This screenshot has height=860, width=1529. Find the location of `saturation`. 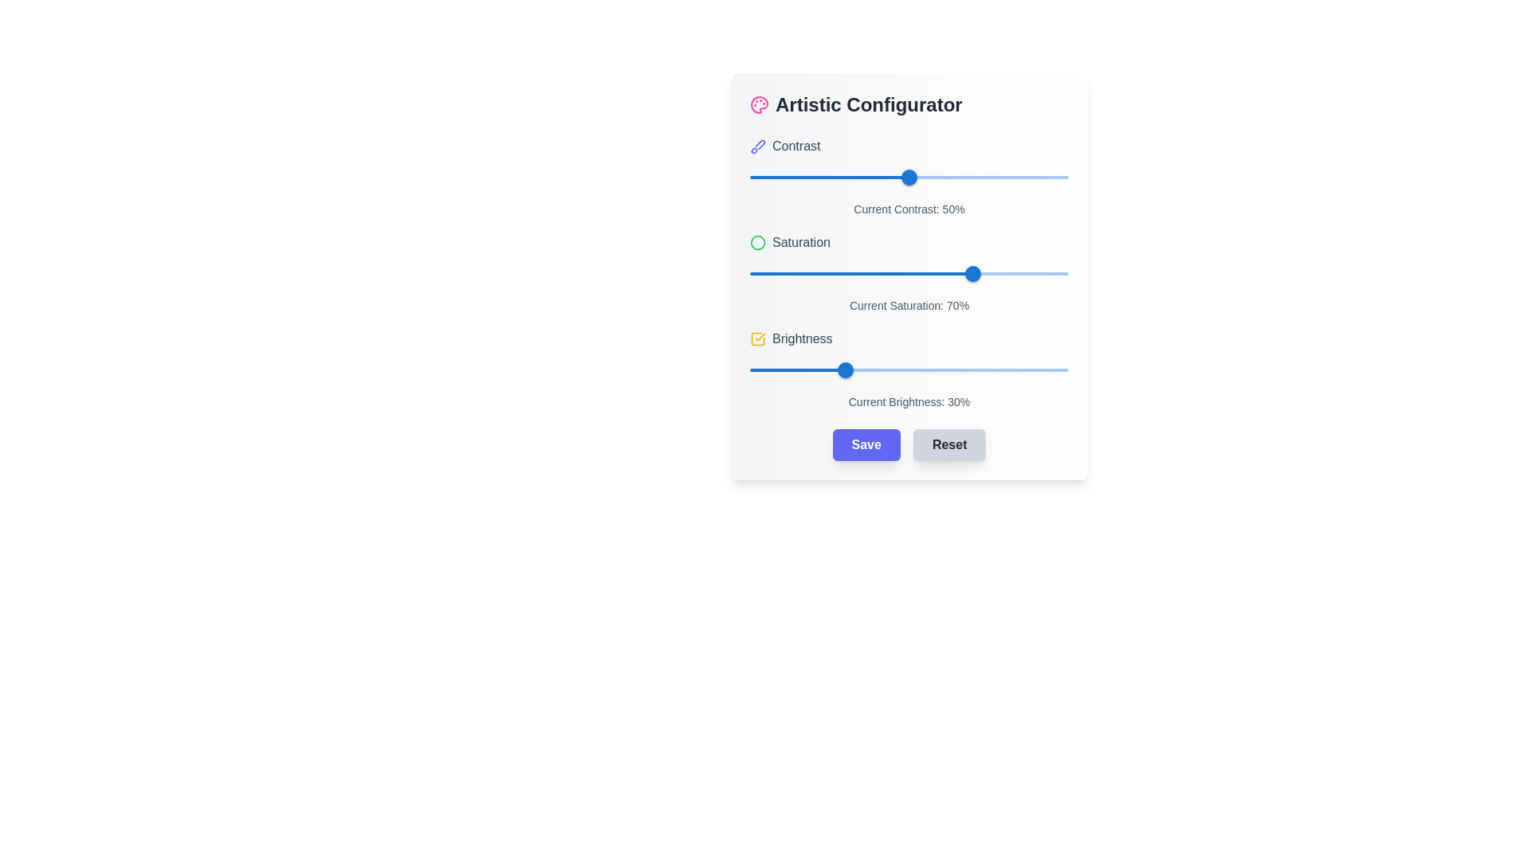

saturation is located at coordinates (917, 272).